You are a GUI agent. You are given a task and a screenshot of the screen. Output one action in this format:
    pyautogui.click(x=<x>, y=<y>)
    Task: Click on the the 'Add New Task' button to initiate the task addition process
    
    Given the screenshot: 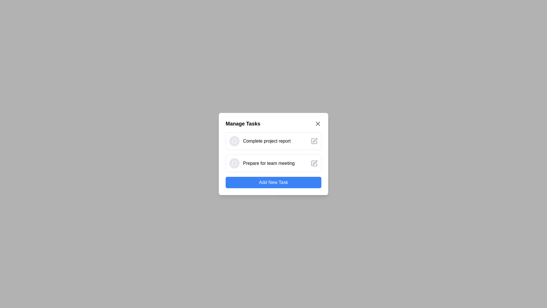 What is the action you would take?
    pyautogui.click(x=273, y=183)
    